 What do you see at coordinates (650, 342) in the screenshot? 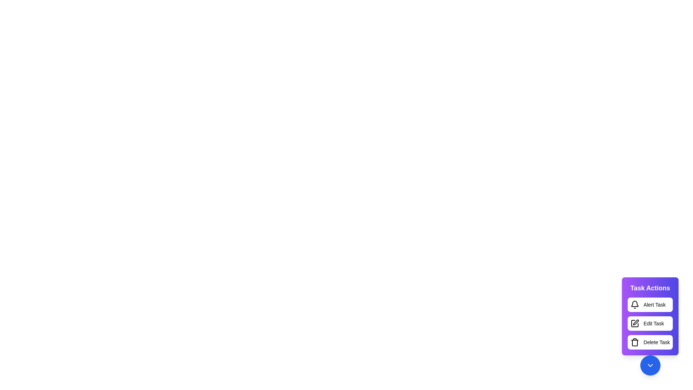
I see `the 'Delete Task' button to delete a task` at bounding box center [650, 342].